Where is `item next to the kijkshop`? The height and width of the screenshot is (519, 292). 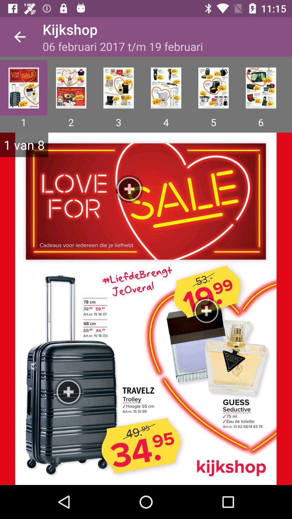 item next to the kijkshop is located at coordinates (19, 36).